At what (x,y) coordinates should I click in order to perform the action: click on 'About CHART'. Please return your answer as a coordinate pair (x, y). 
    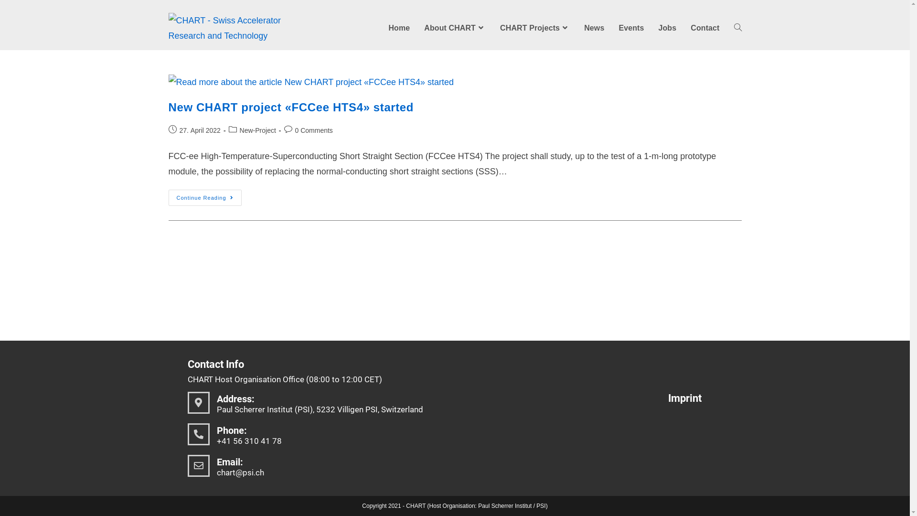
    Looking at the image, I should click on (454, 27).